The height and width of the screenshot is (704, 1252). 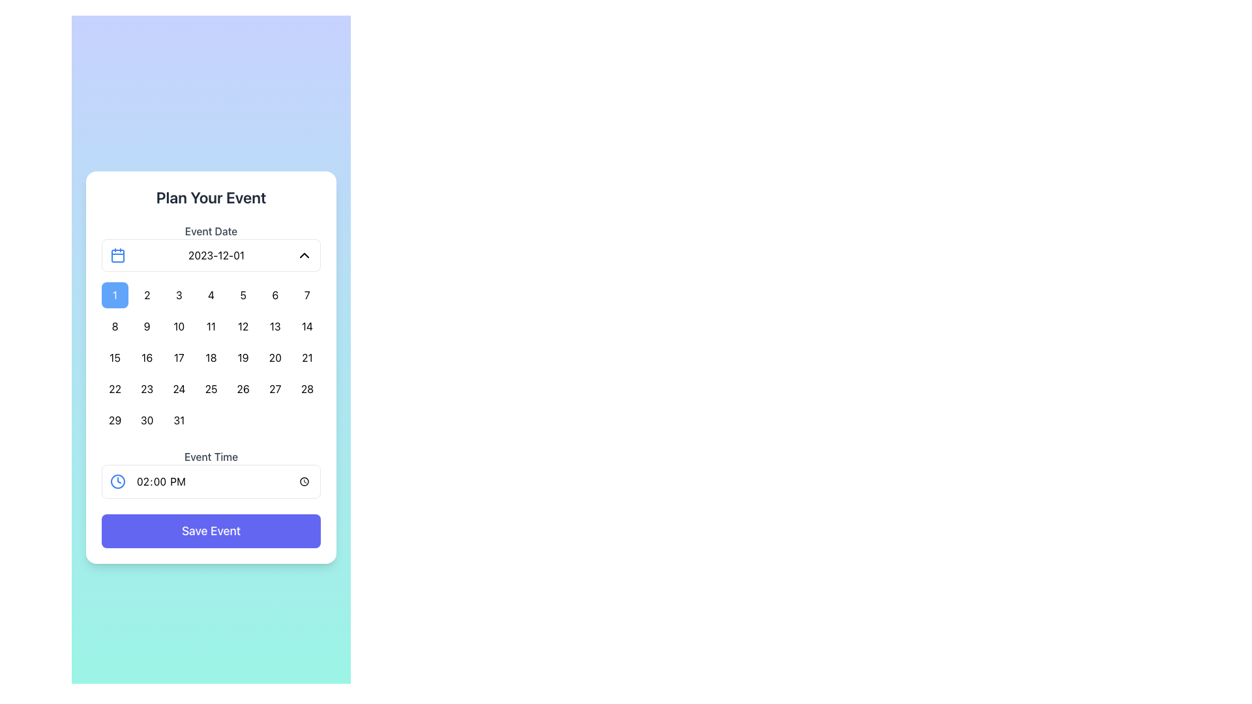 What do you see at coordinates (115, 295) in the screenshot?
I see `the blue square button with white text '1' in the upper-left corner of the grid` at bounding box center [115, 295].